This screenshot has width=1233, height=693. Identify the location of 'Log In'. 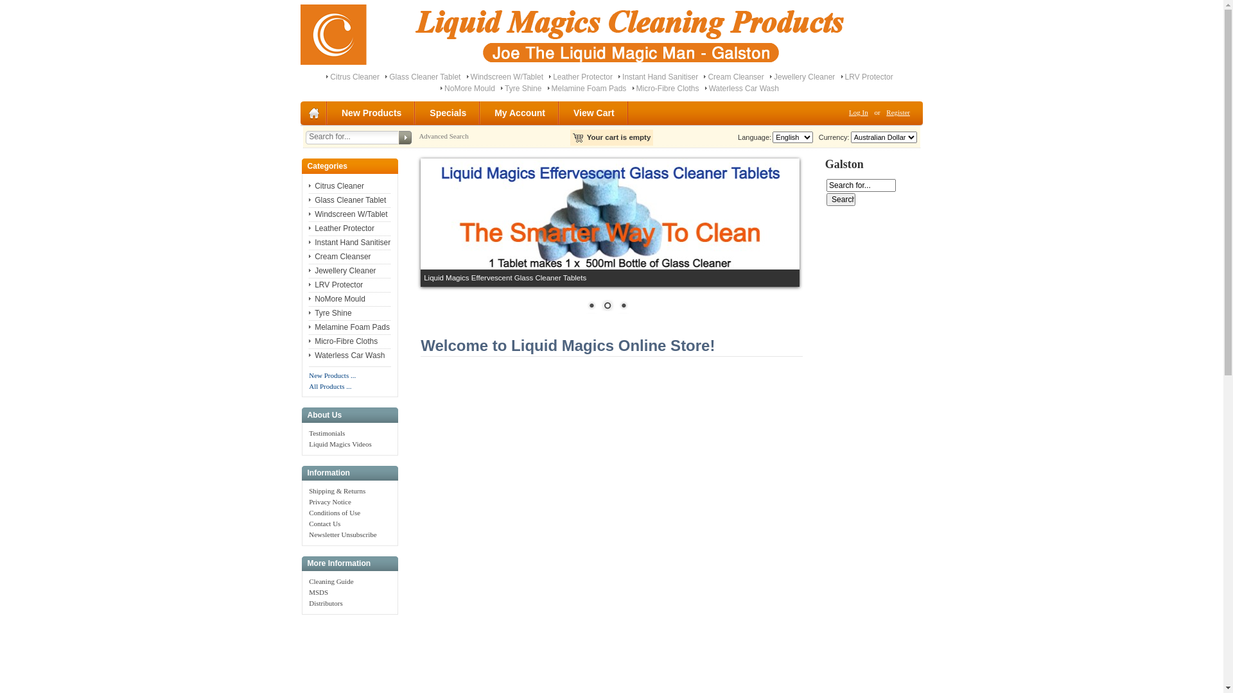
(844, 111).